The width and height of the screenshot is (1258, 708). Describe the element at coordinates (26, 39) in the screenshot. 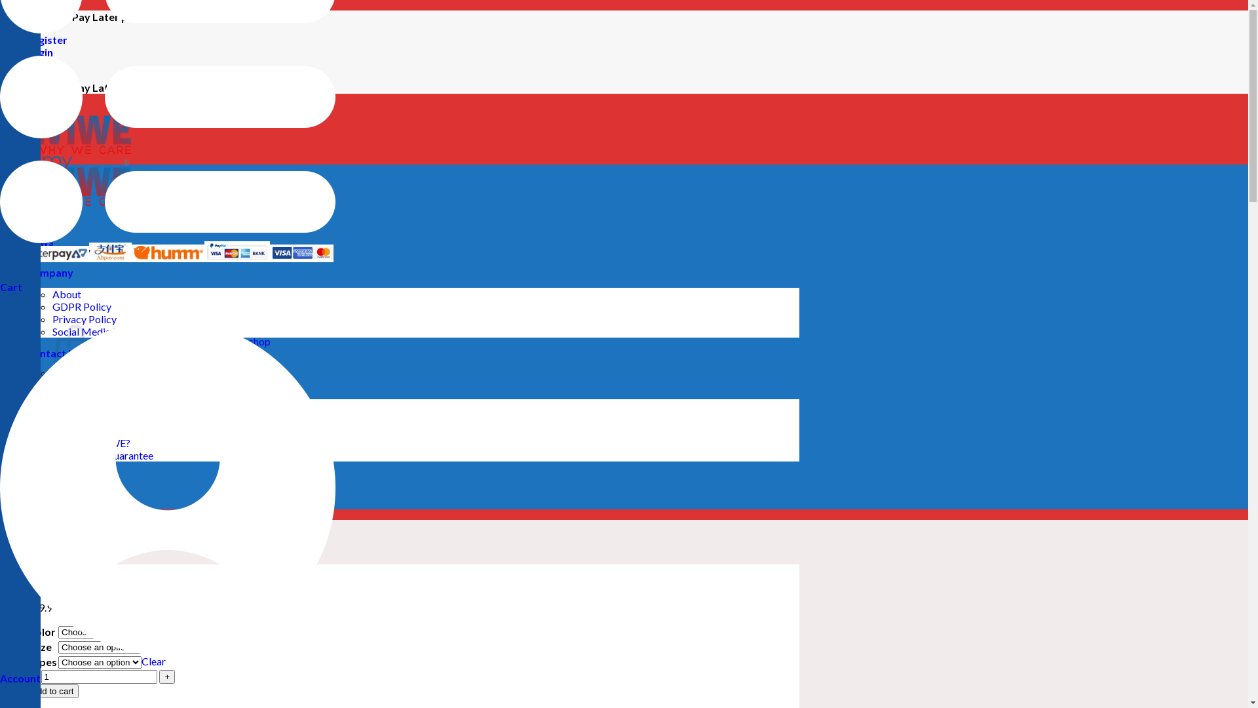

I see `'Register'` at that location.